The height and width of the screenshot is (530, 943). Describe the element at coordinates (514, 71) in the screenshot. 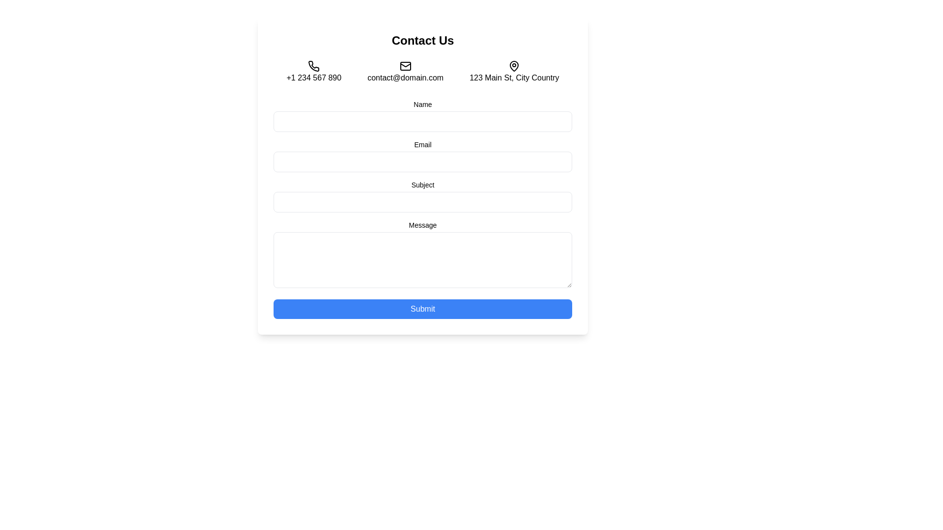

I see `the address display element featuring the text '123 Main St, City Country' and the map pin icon` at that location.